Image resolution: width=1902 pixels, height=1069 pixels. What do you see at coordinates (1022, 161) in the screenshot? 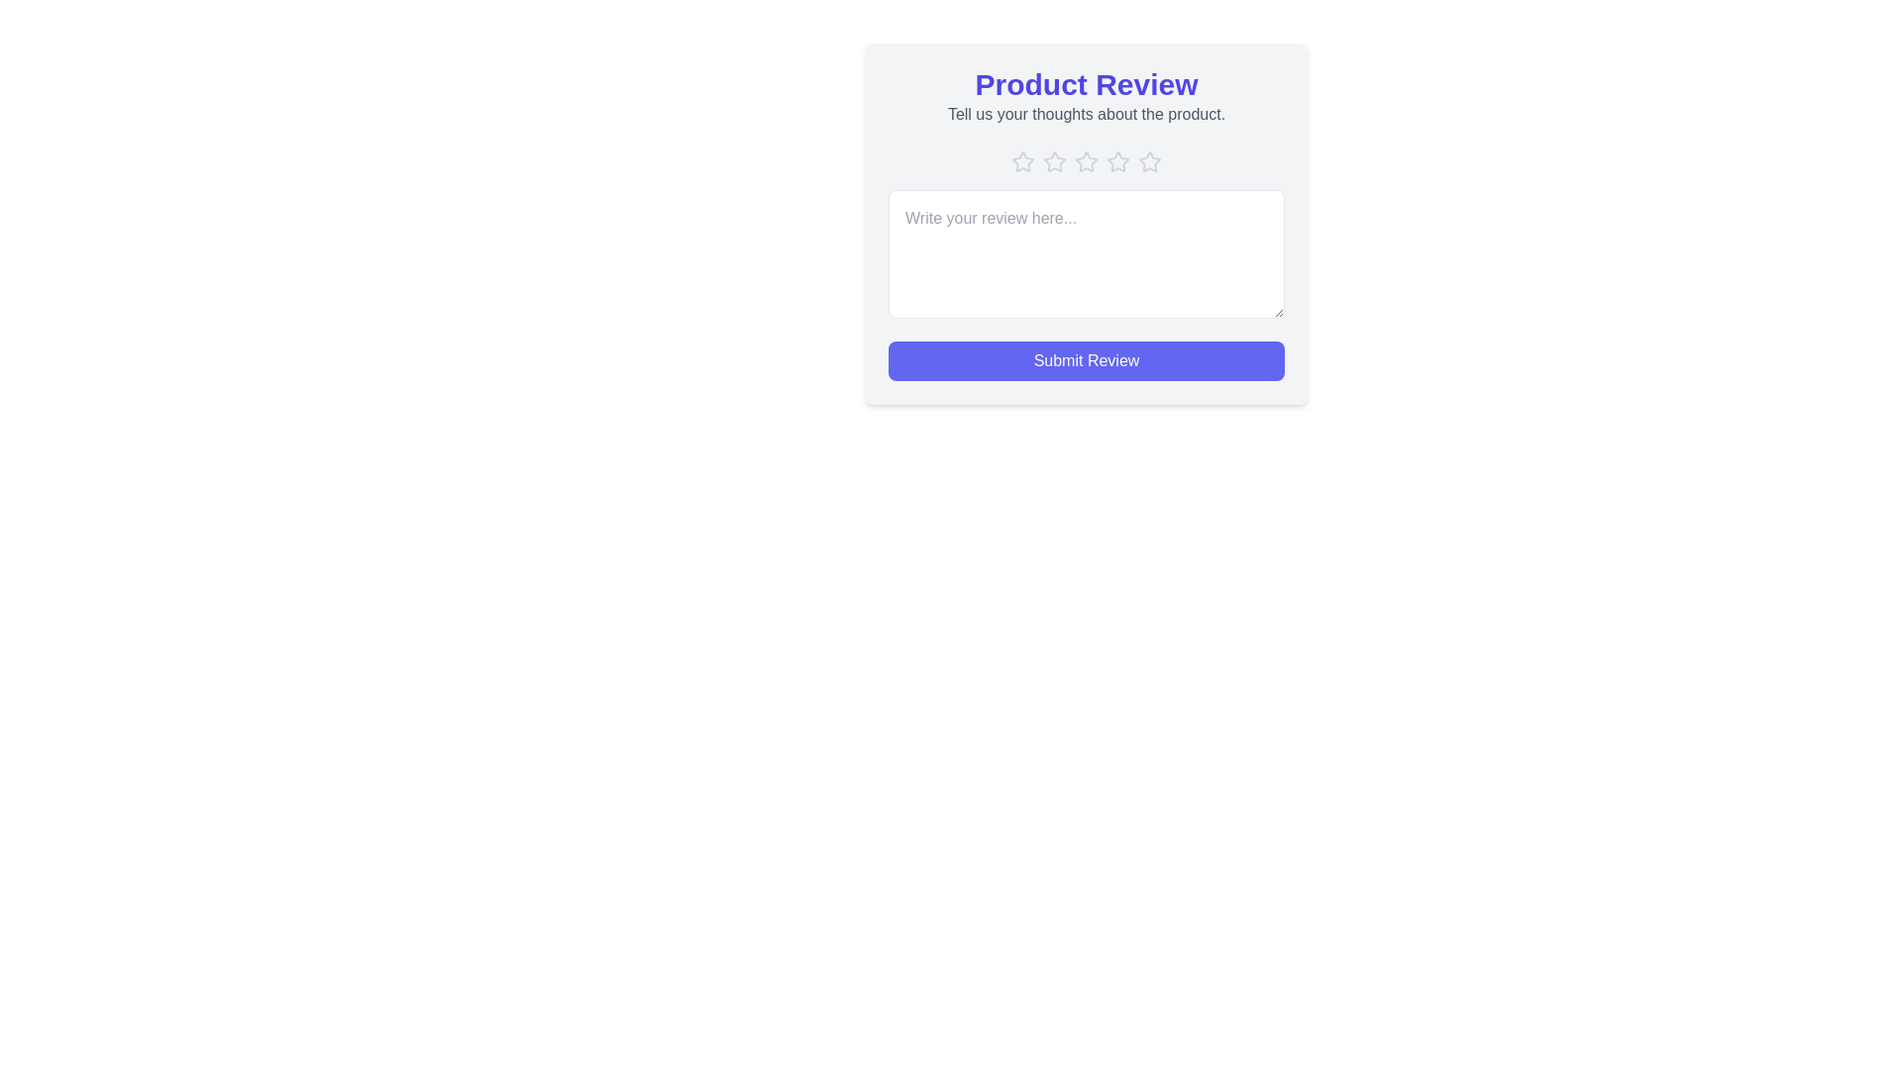
I see `the first star in the row of five stars` at bounding box center [1022, 161].